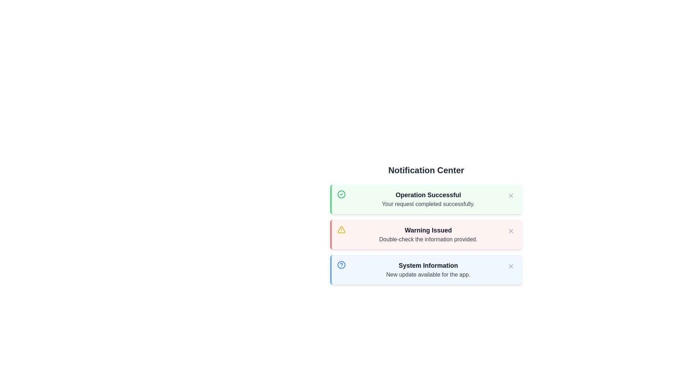  Describe the element at coordinates (511, 231) in the screenshot. I see `the gray circular button with an 'X' icon` at that location.